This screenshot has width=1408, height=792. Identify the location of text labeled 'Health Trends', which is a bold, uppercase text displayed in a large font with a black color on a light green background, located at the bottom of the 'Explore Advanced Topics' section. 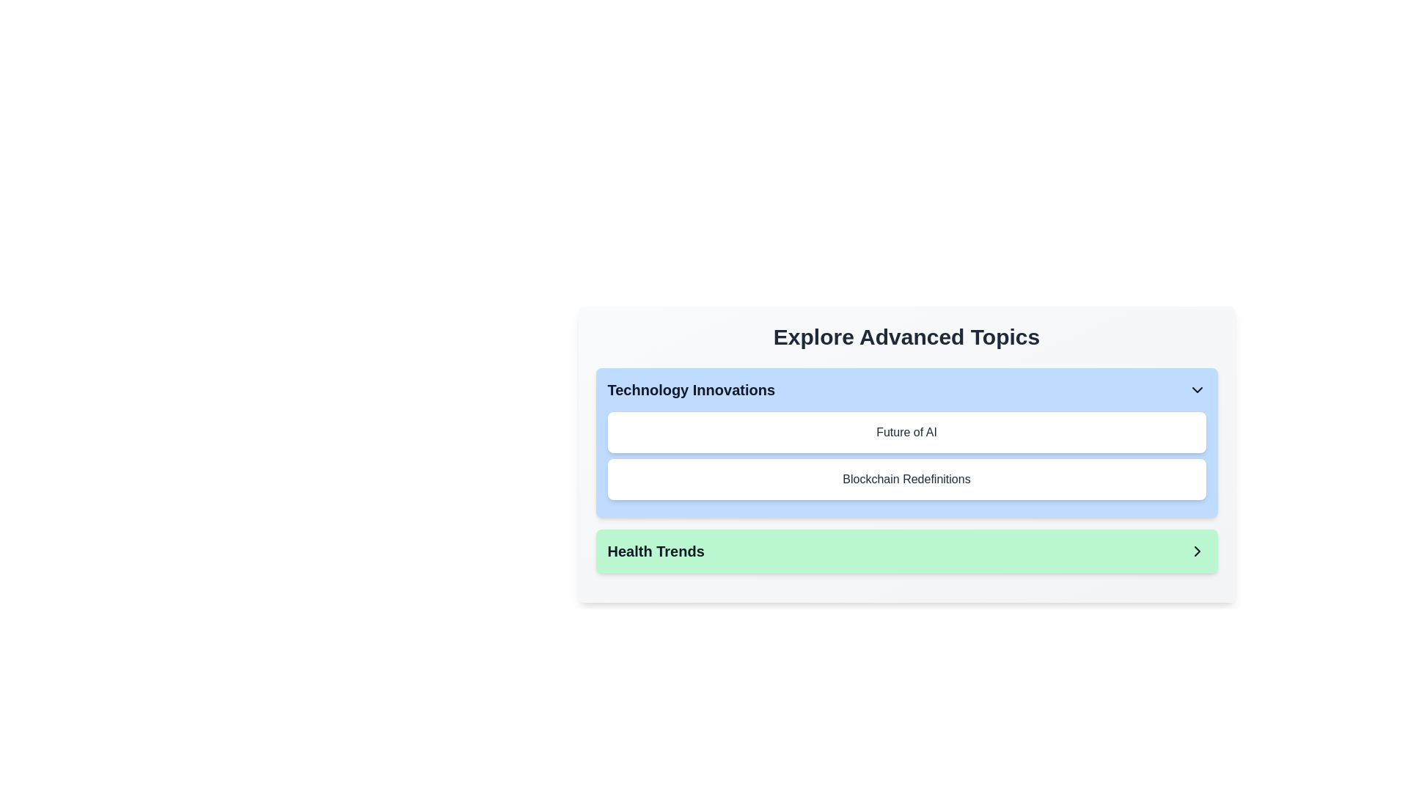
(655, 551).